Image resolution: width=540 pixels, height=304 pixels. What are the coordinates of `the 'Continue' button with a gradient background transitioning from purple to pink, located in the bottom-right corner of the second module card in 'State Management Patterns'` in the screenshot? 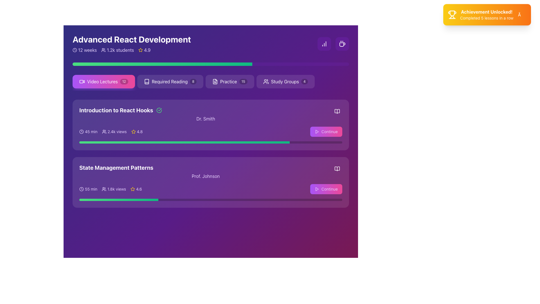 It's located at (326, 189).